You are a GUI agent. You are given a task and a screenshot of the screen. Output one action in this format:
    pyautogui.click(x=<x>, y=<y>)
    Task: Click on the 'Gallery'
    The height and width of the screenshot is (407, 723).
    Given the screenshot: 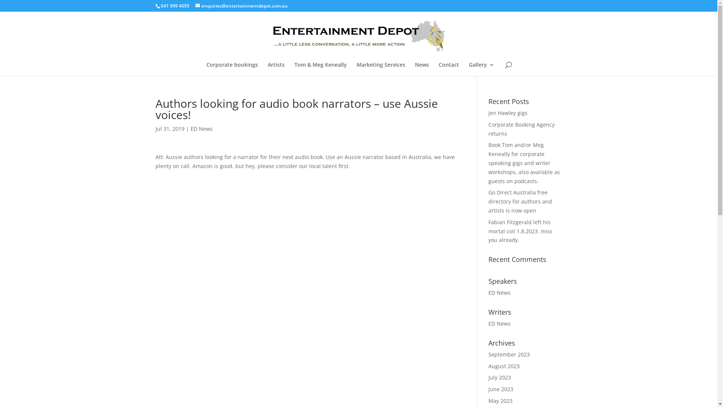 What is the action you would take?
    pyautogui.click(x=468, y=69)
    